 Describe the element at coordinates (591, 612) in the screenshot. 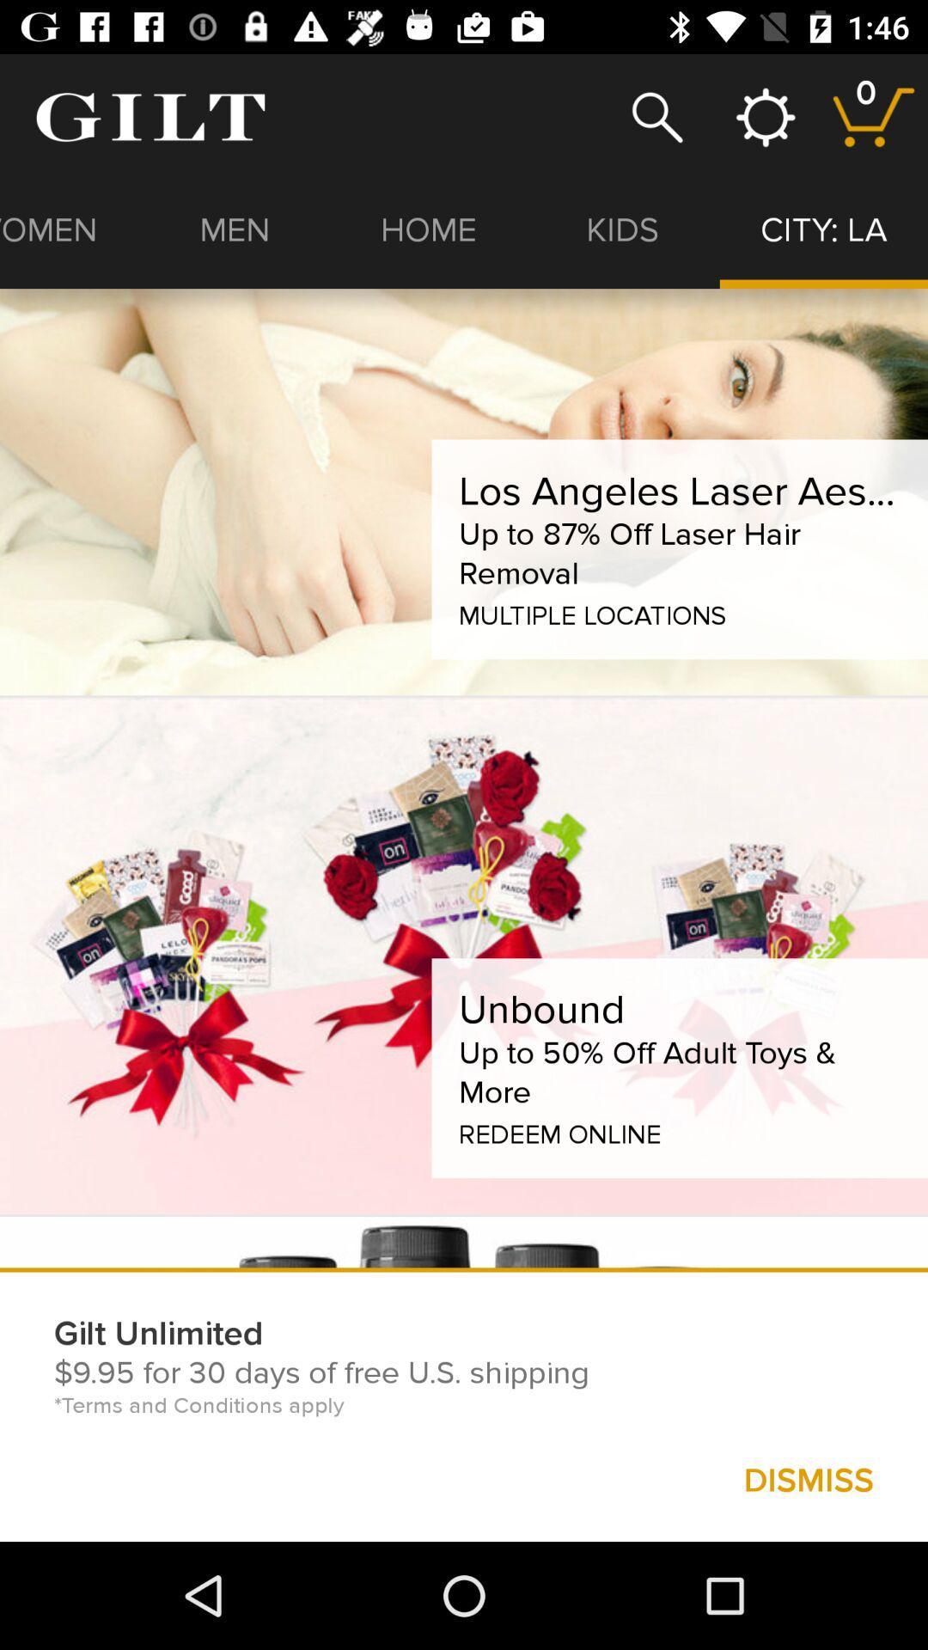

I see `item below up to 87 item` at that location.